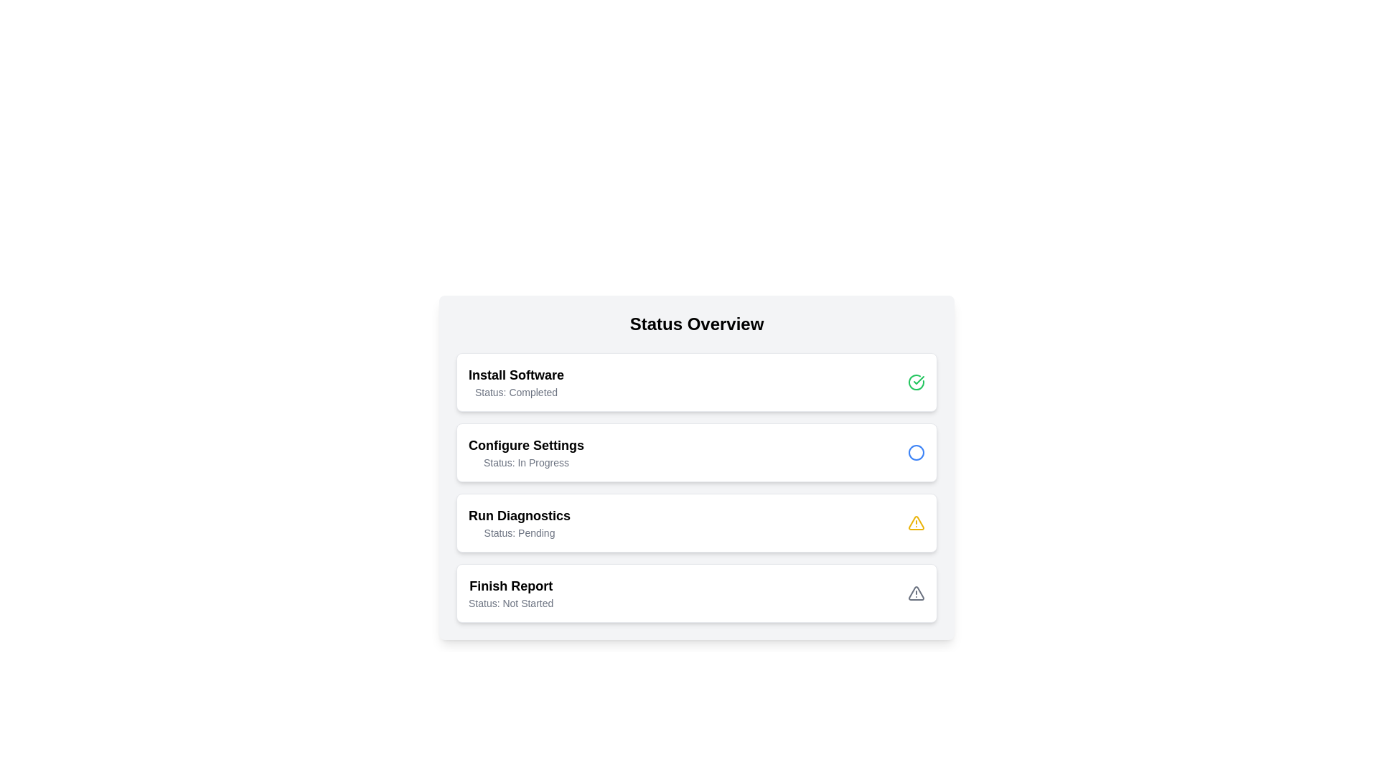 This screenshot has width=1378, height=775. I want to click on the text display that indicates the current status of the 'Run Diagnostics' task, which is pending and is located below the heading 'Run Diagnostics', so click(519, 533).